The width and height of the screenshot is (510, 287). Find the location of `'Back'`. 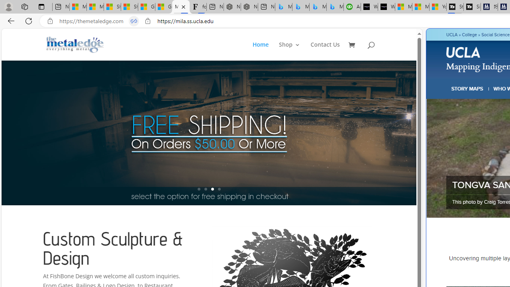

'Back' is located at coordinates (10, 20).